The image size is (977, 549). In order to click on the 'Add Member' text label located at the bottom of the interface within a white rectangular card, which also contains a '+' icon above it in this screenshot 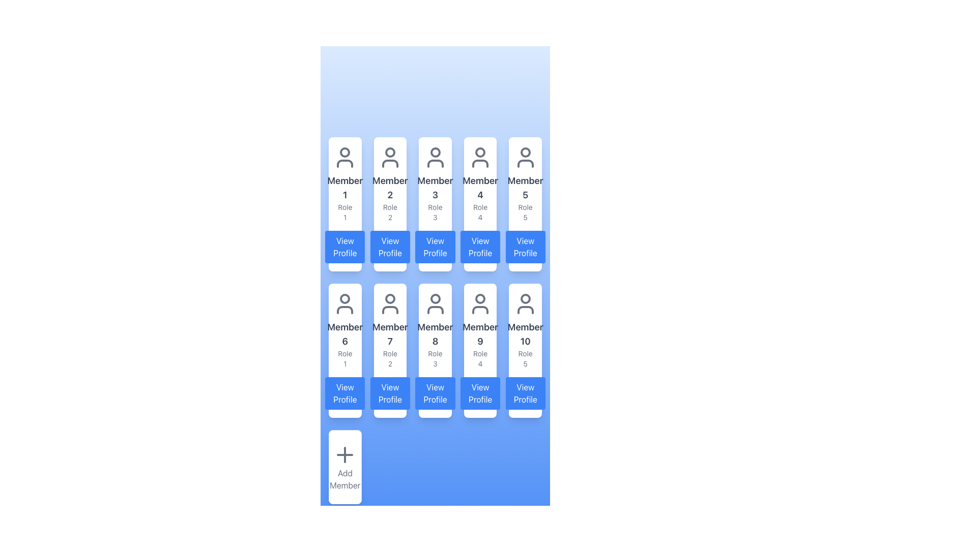, I will do `click(345, 479)`.